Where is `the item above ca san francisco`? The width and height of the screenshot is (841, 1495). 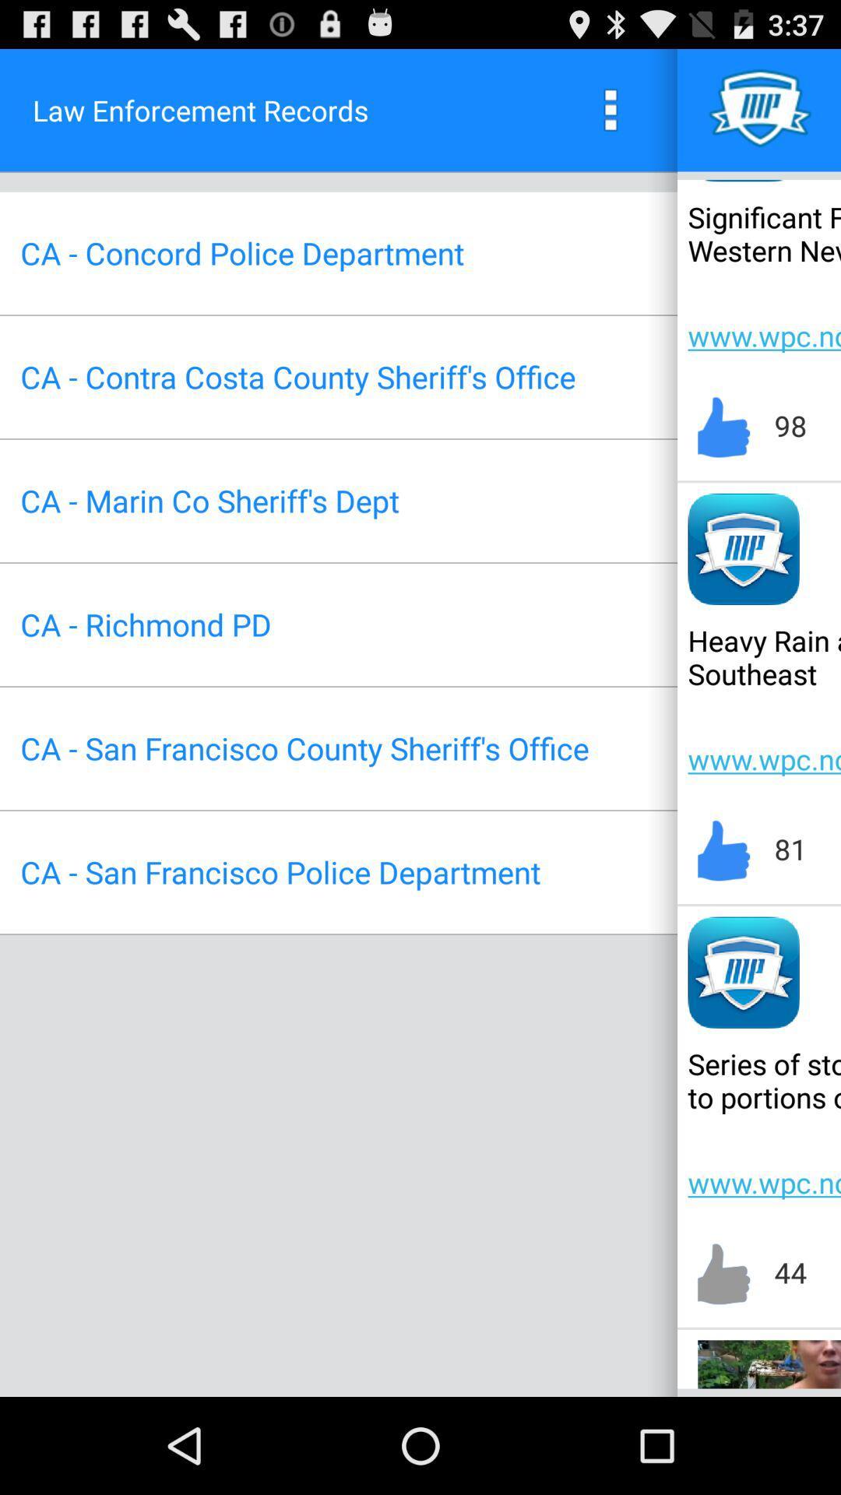 the item above ca san francisco is located at coordinates (146, 624).